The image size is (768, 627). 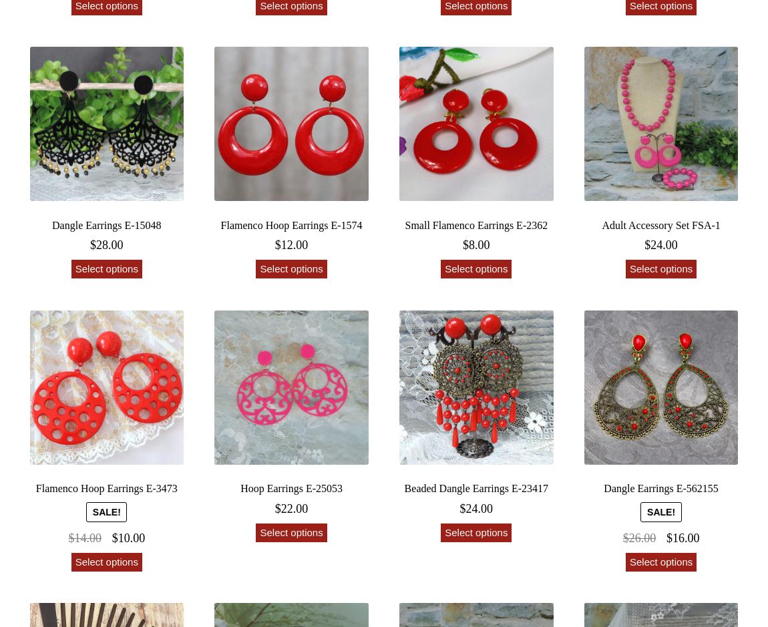 What do you see at coordinates (478, 244) in the screenshot?
I see `'8.00'` at bounding box center [478, 244].